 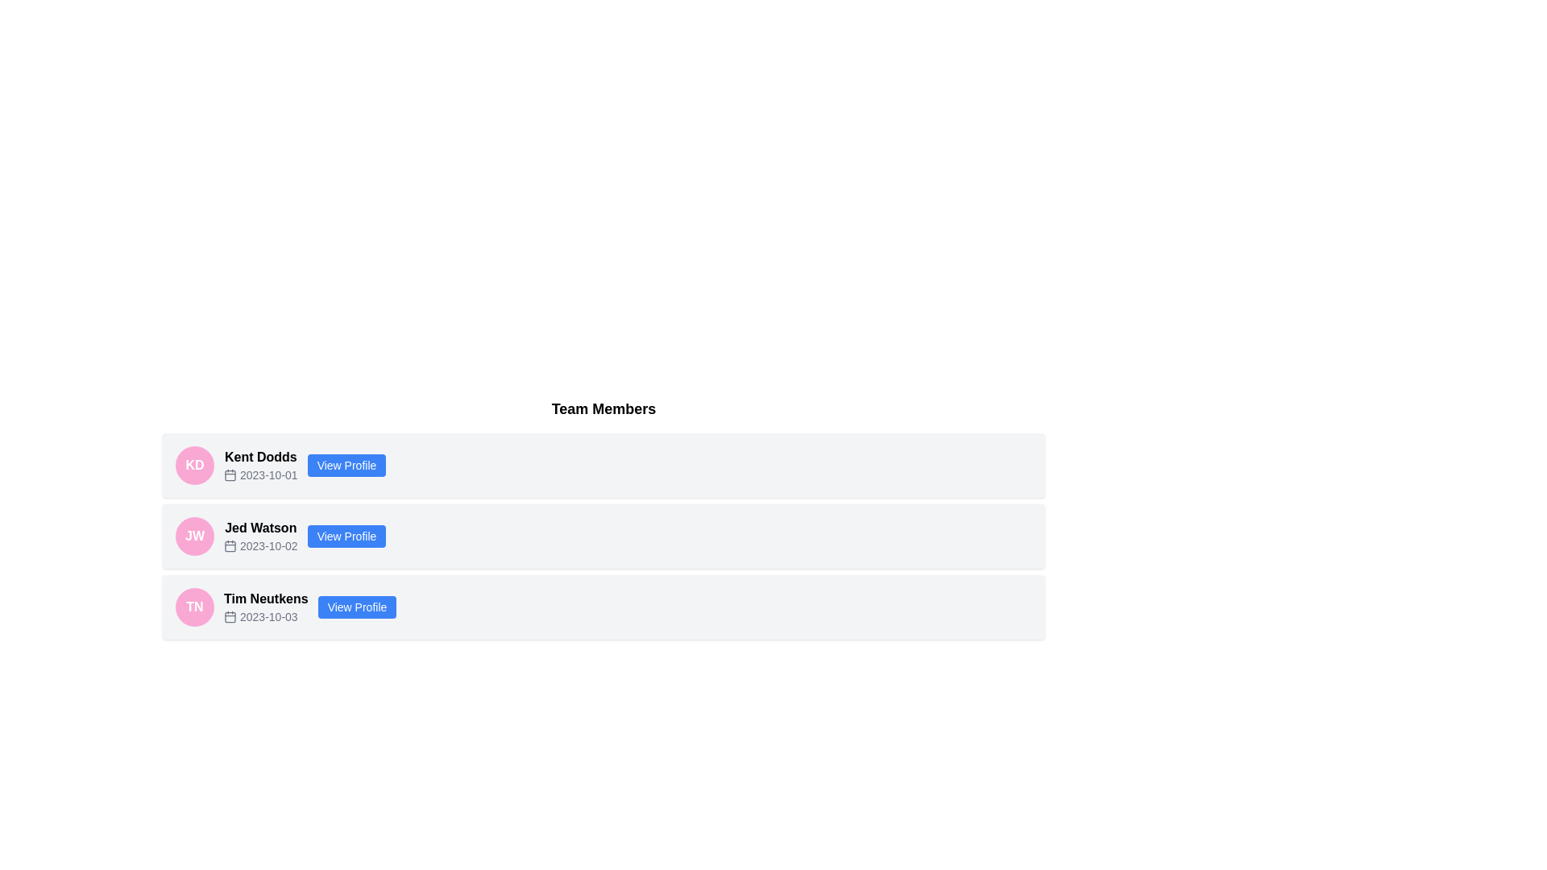 I want to click on the 'View Profile' button of the third user information card in the list, which displays user details including a name, an avatar, and a date, so click(x=603, y=607).